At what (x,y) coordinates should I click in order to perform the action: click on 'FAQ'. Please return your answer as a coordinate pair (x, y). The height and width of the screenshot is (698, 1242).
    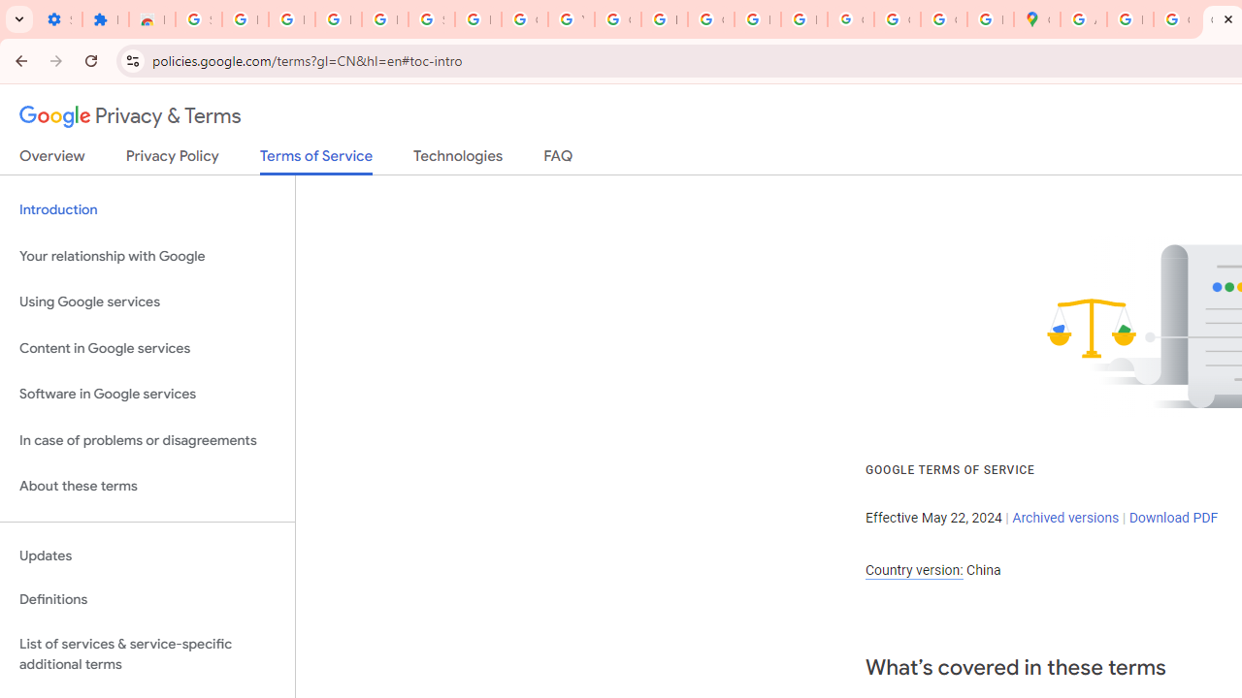
    Looking at the image, I should click on (558, 159).